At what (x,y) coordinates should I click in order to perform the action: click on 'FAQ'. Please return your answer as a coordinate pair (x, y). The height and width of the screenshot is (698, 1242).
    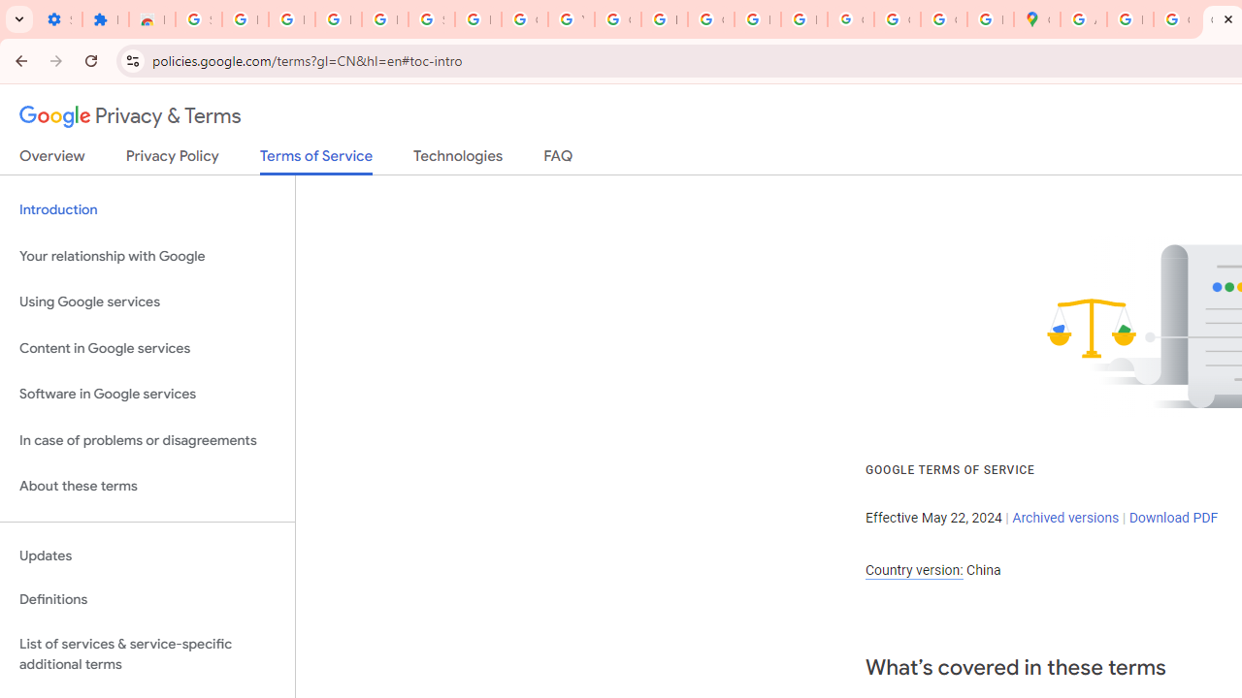
    Looking at the image, I should click on (558, 159).